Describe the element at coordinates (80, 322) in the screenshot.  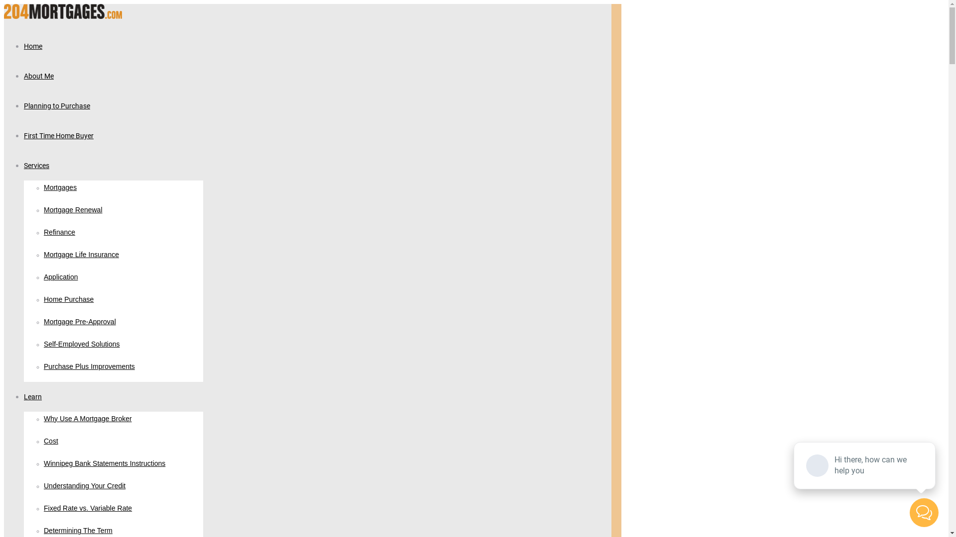
I see `'Mortgage Pre-Approval'` at that location.